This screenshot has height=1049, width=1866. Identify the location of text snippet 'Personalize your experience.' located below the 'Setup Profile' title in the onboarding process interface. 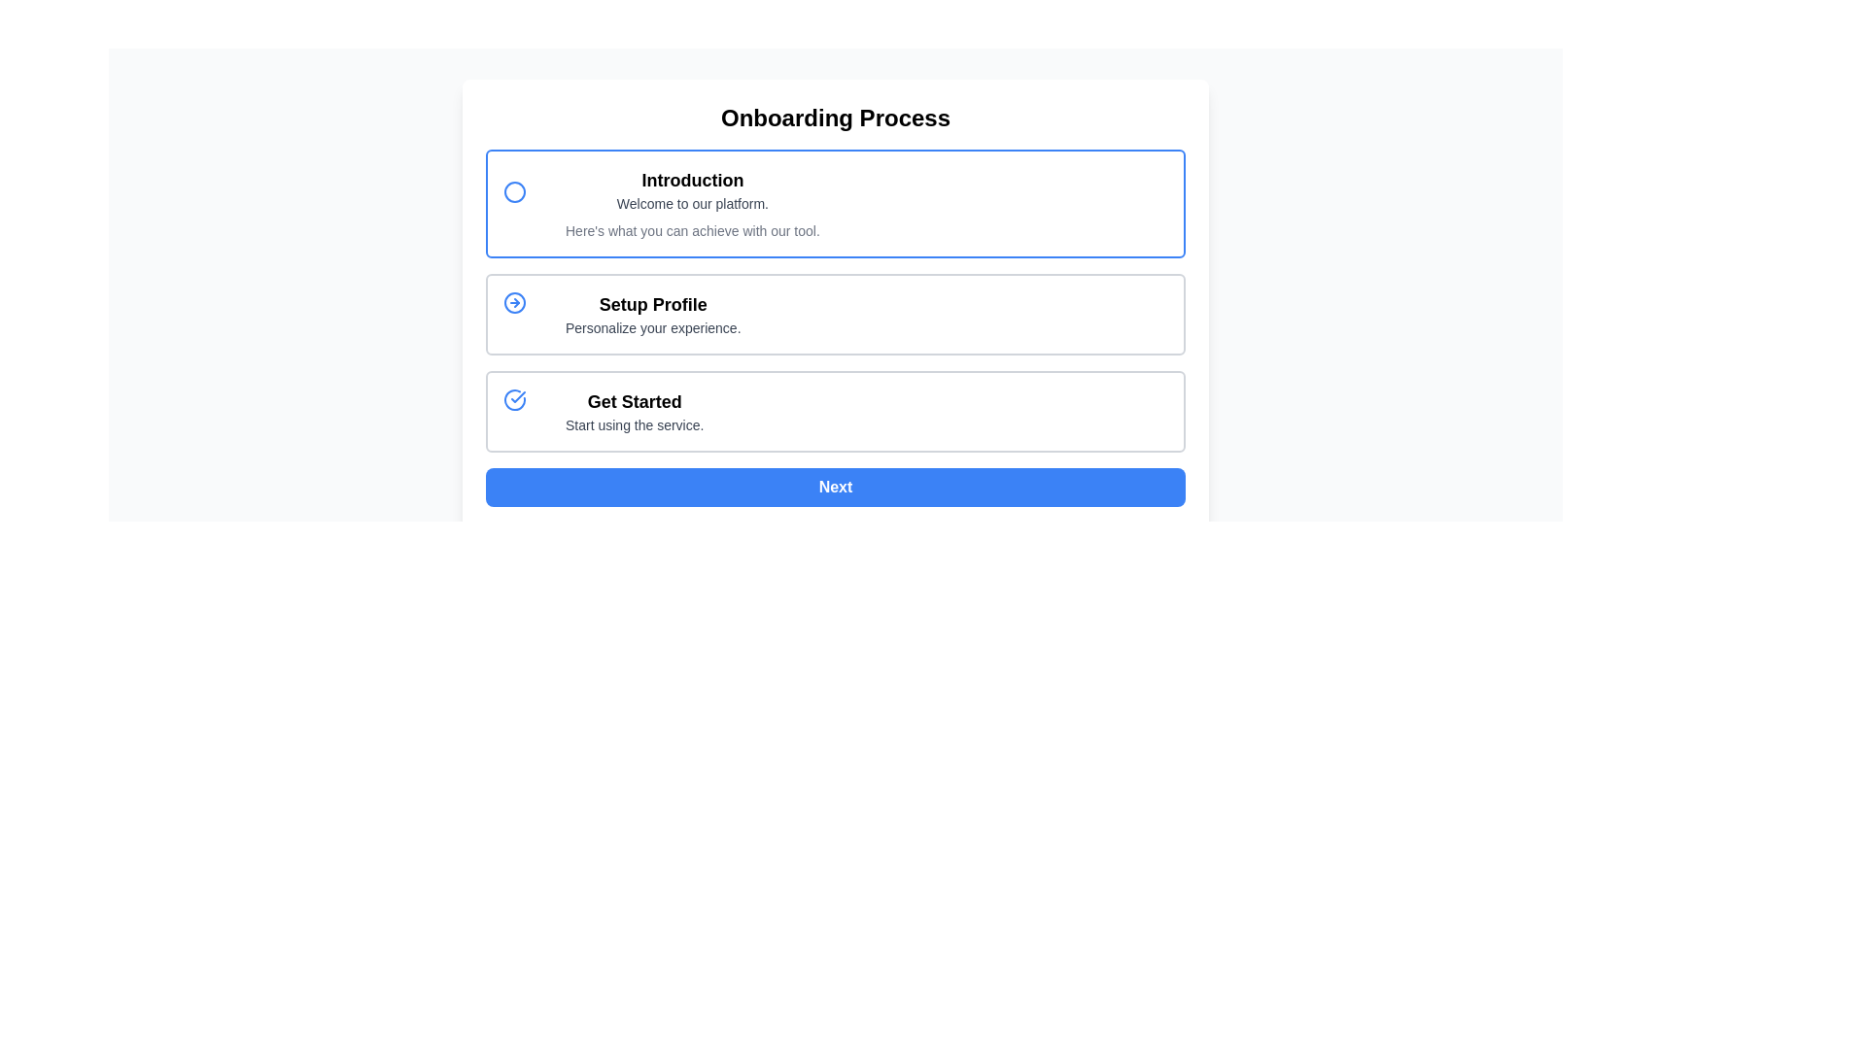
(653, 327).